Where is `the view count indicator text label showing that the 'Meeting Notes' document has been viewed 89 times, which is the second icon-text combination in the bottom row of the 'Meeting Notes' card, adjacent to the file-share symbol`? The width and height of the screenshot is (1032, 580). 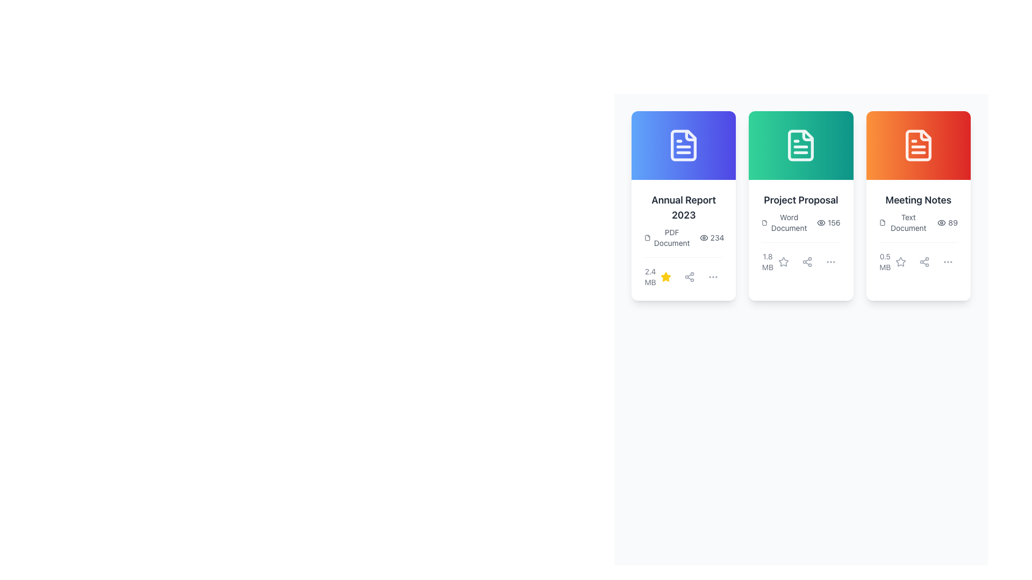
the view count indicator text label showing that the 'Meeting Notes' document has been viewed 89 times, which is the second icon-text combination in the bottom row of the 'Meeting Notes' card, adjacent to the file-share symbol is located at coordinates (948, 222).